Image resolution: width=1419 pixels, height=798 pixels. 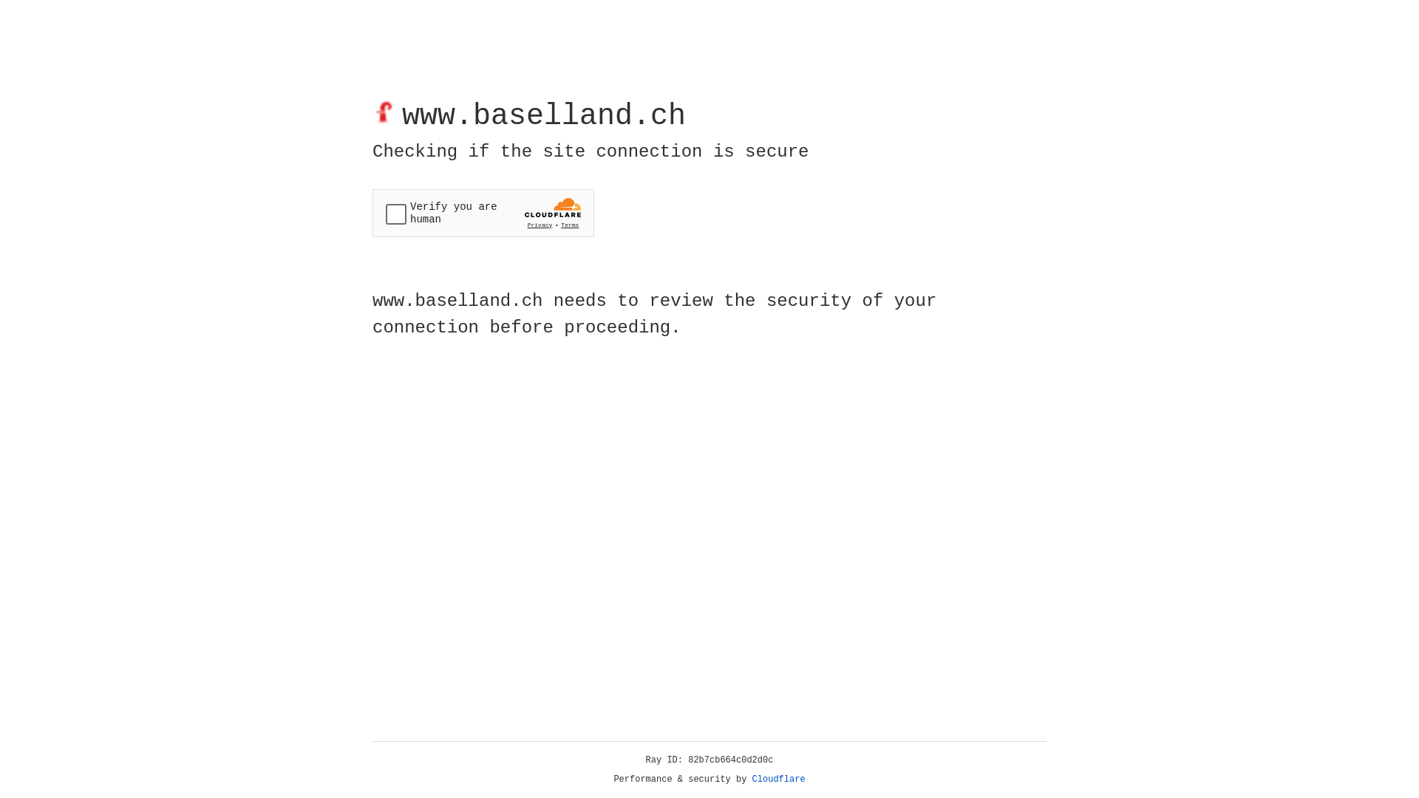 I want to click on 'Cloudflare', so click(x=752, y=779).